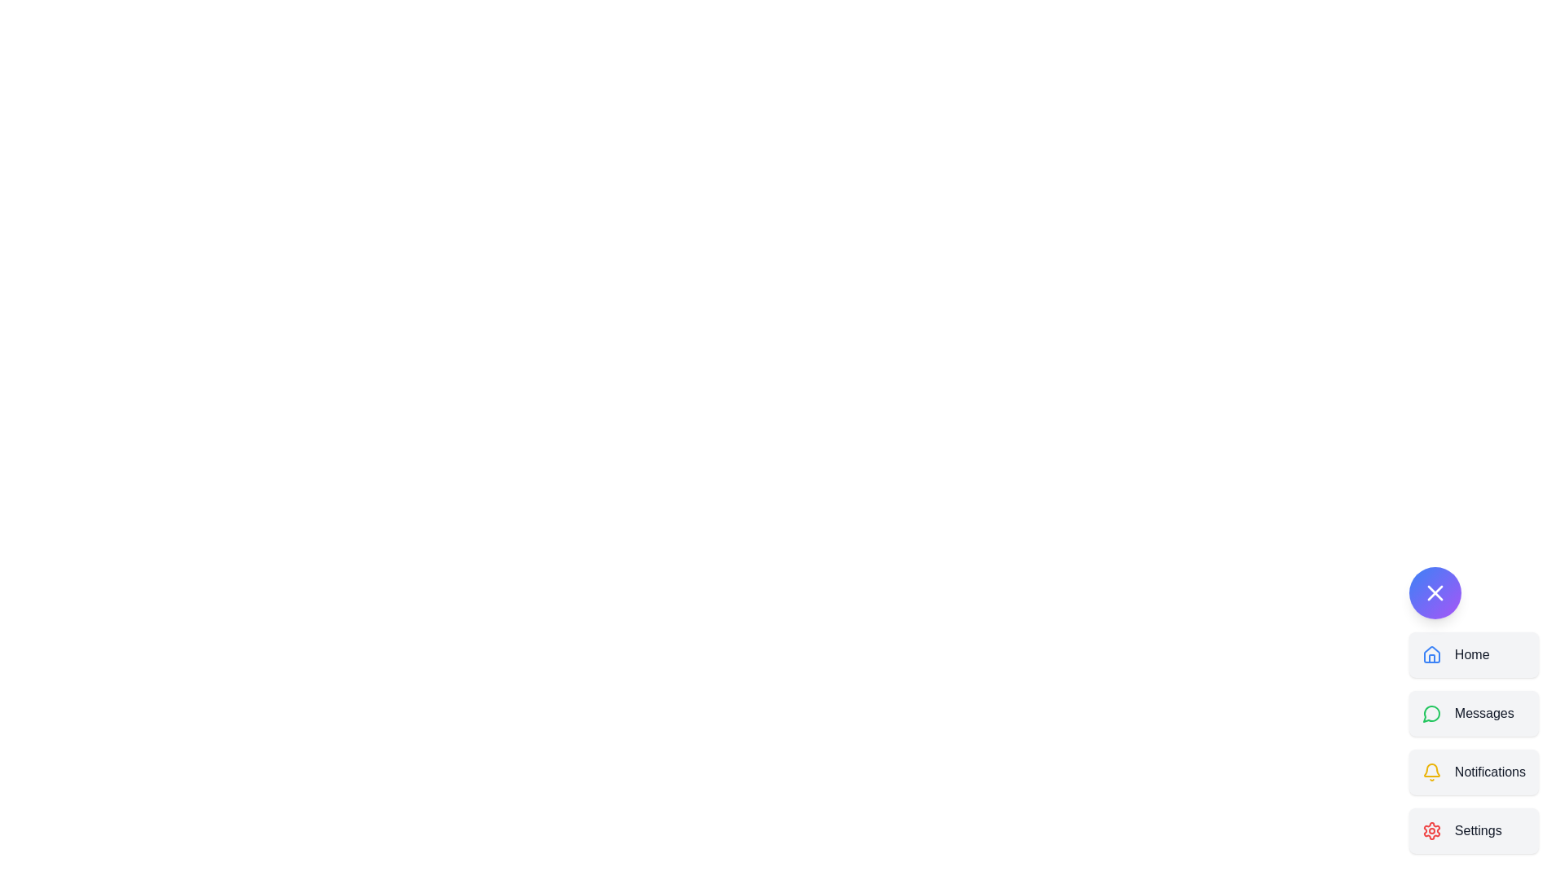  What do you see at coordinates (1431, 713) in the screenshot?
I see `the circular icon resembling a speech bubble, which is part of the vertical menu representing the message-related option, located between 'Home' and 'Notifications'` at bounding box center [1431, 713].